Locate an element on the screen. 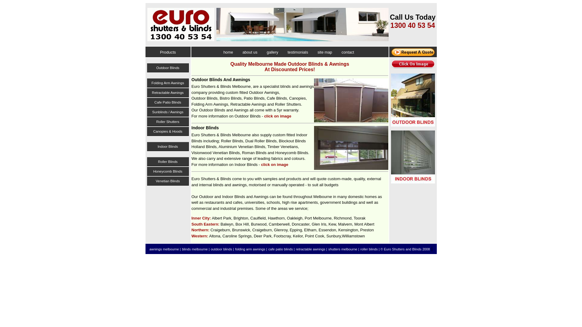 This screenshot has width=582, height=327. 'shutters melbourne |' is located at coordinates (343, 249).